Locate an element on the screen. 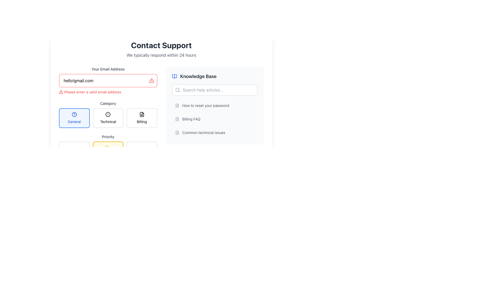 The height and width of the screenshot is (281, 501). the static text element providing navigational aid under the 'Knowledge Base' section, located between 'Billing FAQ' and an empty space is located at coordinates (203, 132).